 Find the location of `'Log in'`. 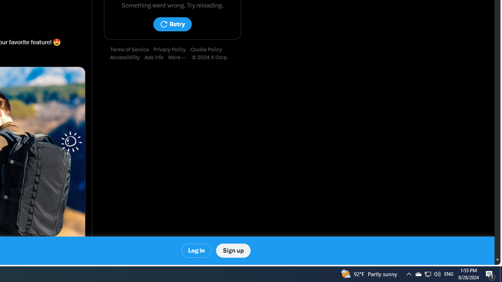

'Log in' is located at coordinates (196, 251).